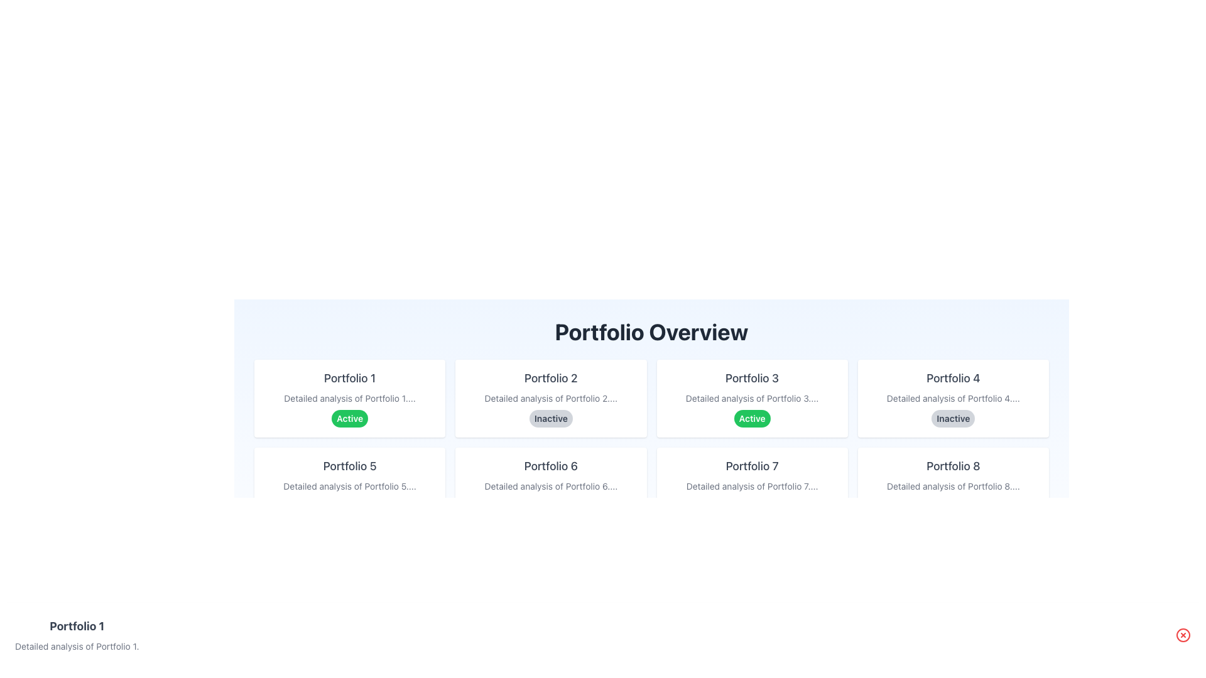  I want to click on the Status Indicator which is a green, rounded rectangle displaying the word 'Active' in bold, white text, located at the bottom of the card labeled 'Portfolio 3', so click(752, 419).